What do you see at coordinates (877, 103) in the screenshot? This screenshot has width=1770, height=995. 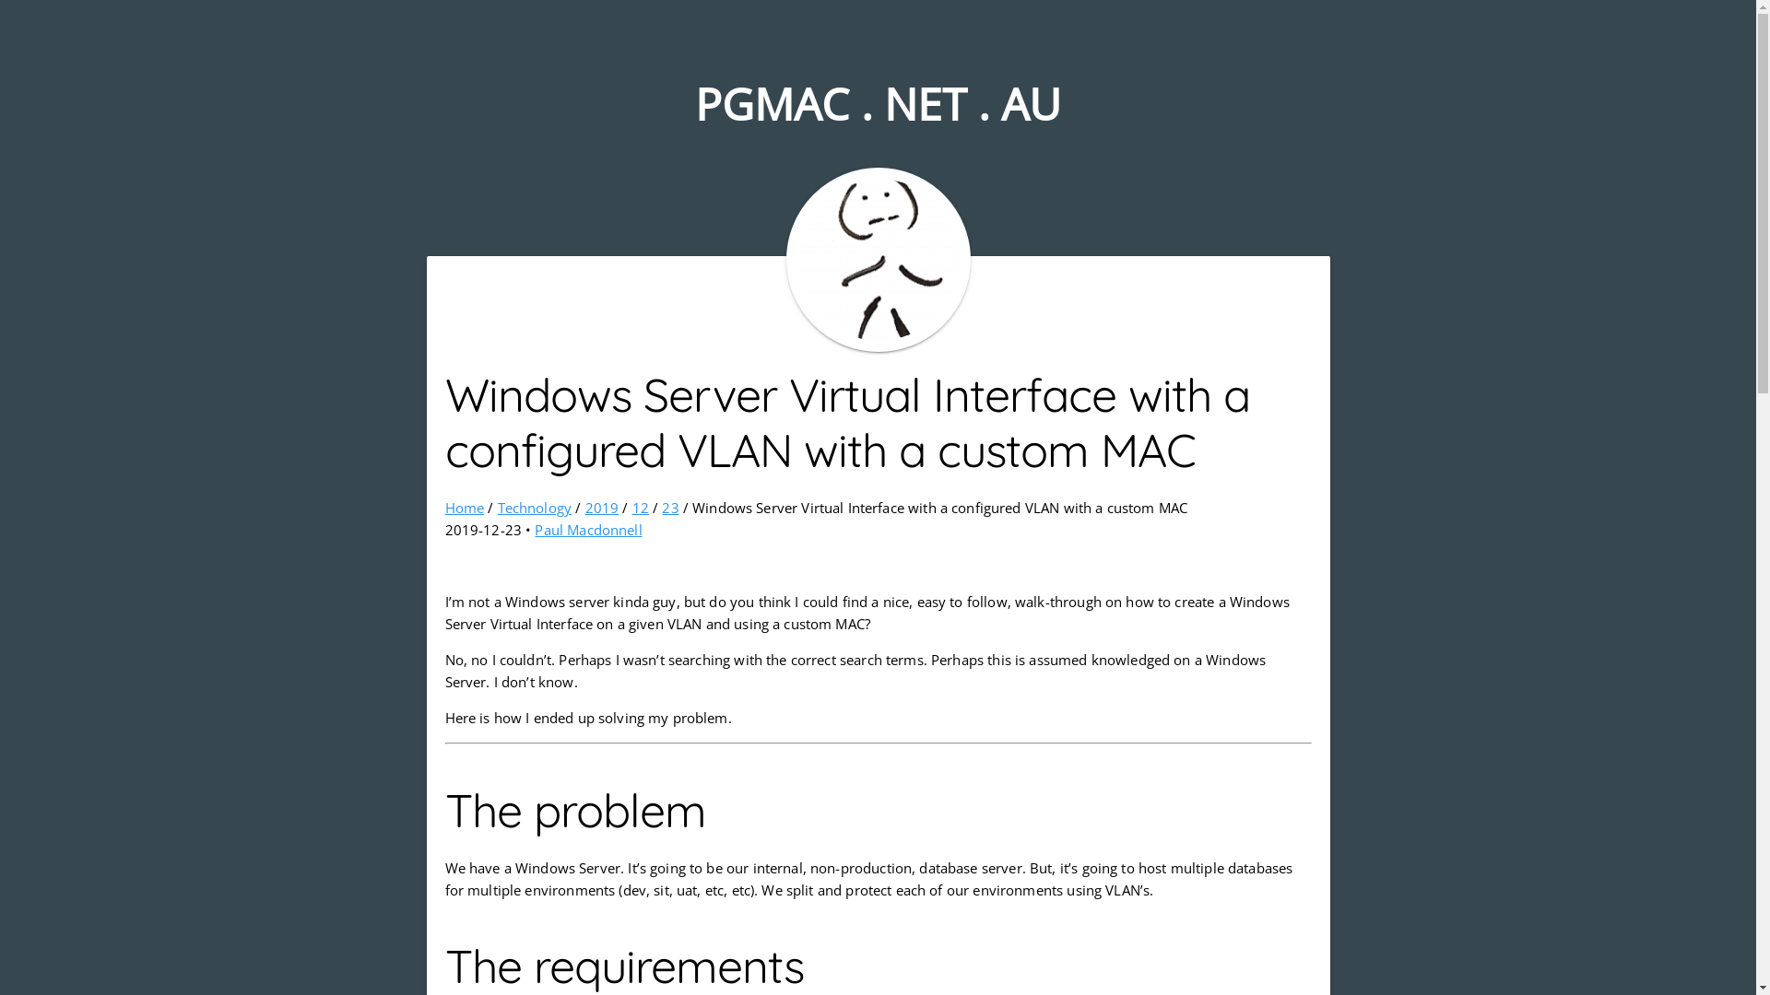 I see `'PGMAC . NET . AU'` at bounding box center [877, 103].